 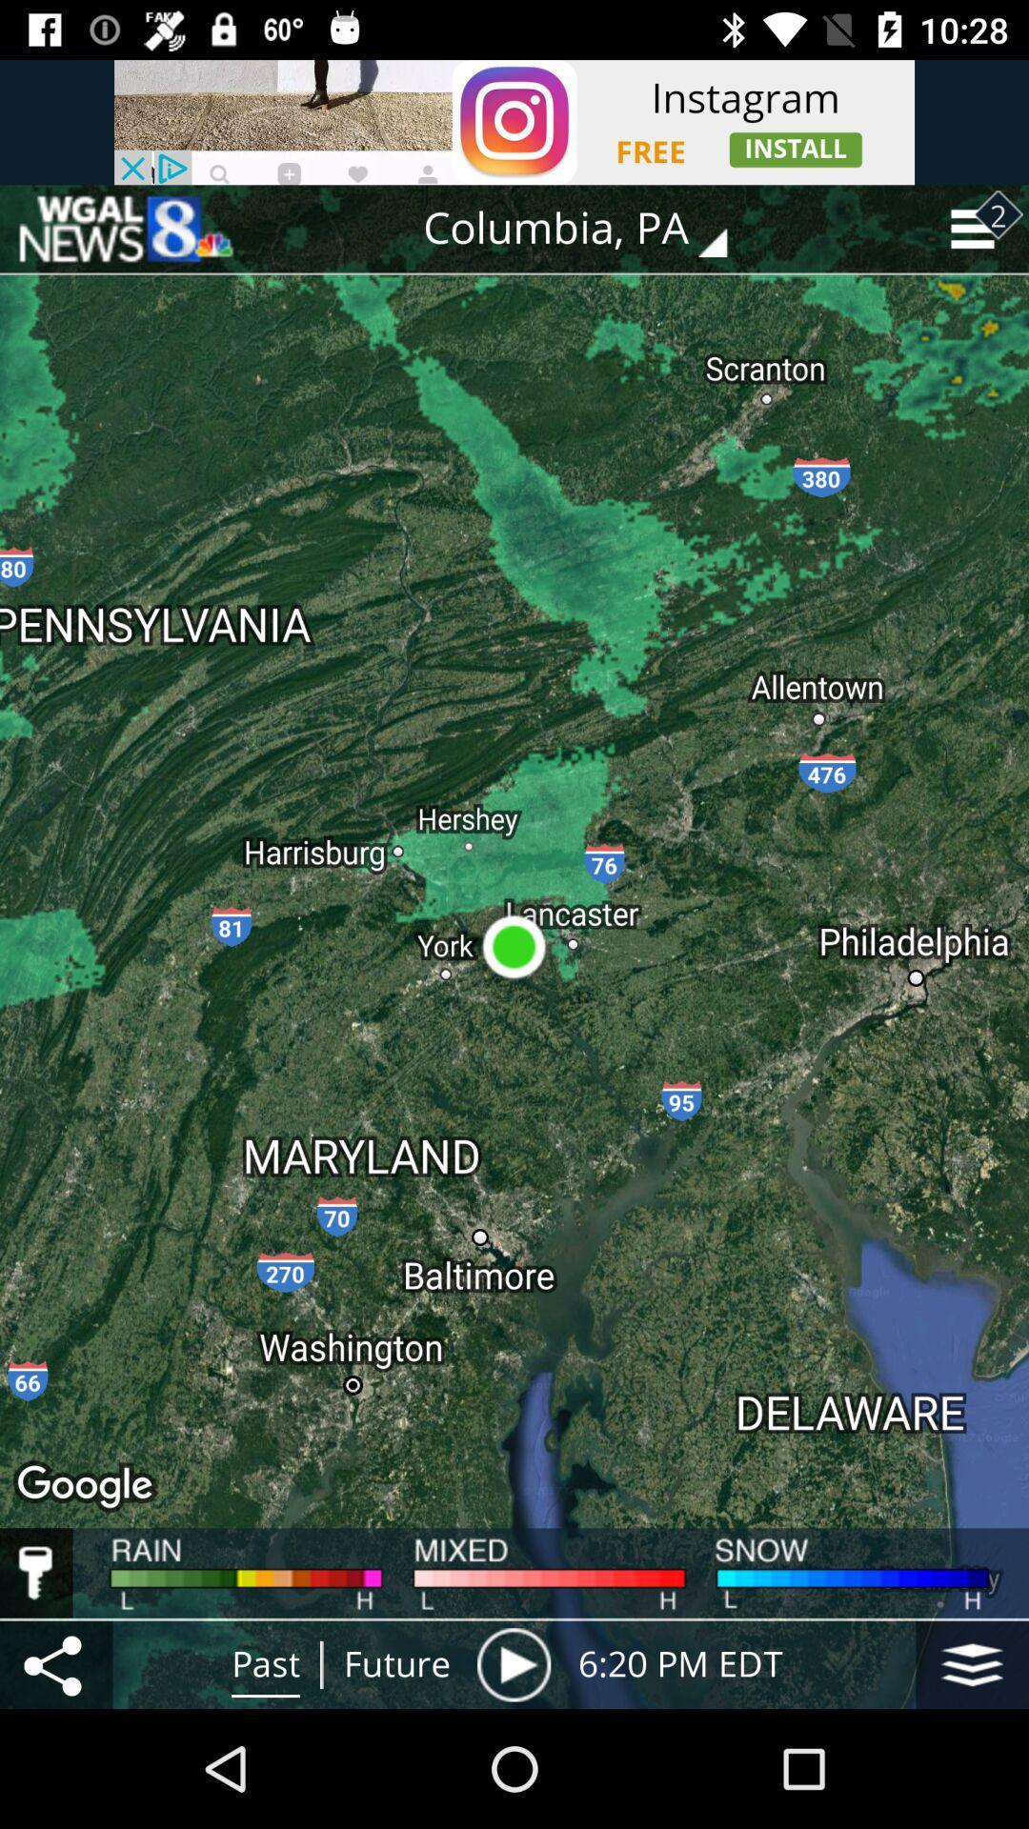 What do you see at coordinates (125, 229) in the screenshot?
I see `the icon at the top left corner` at bounding box center [125, 229].